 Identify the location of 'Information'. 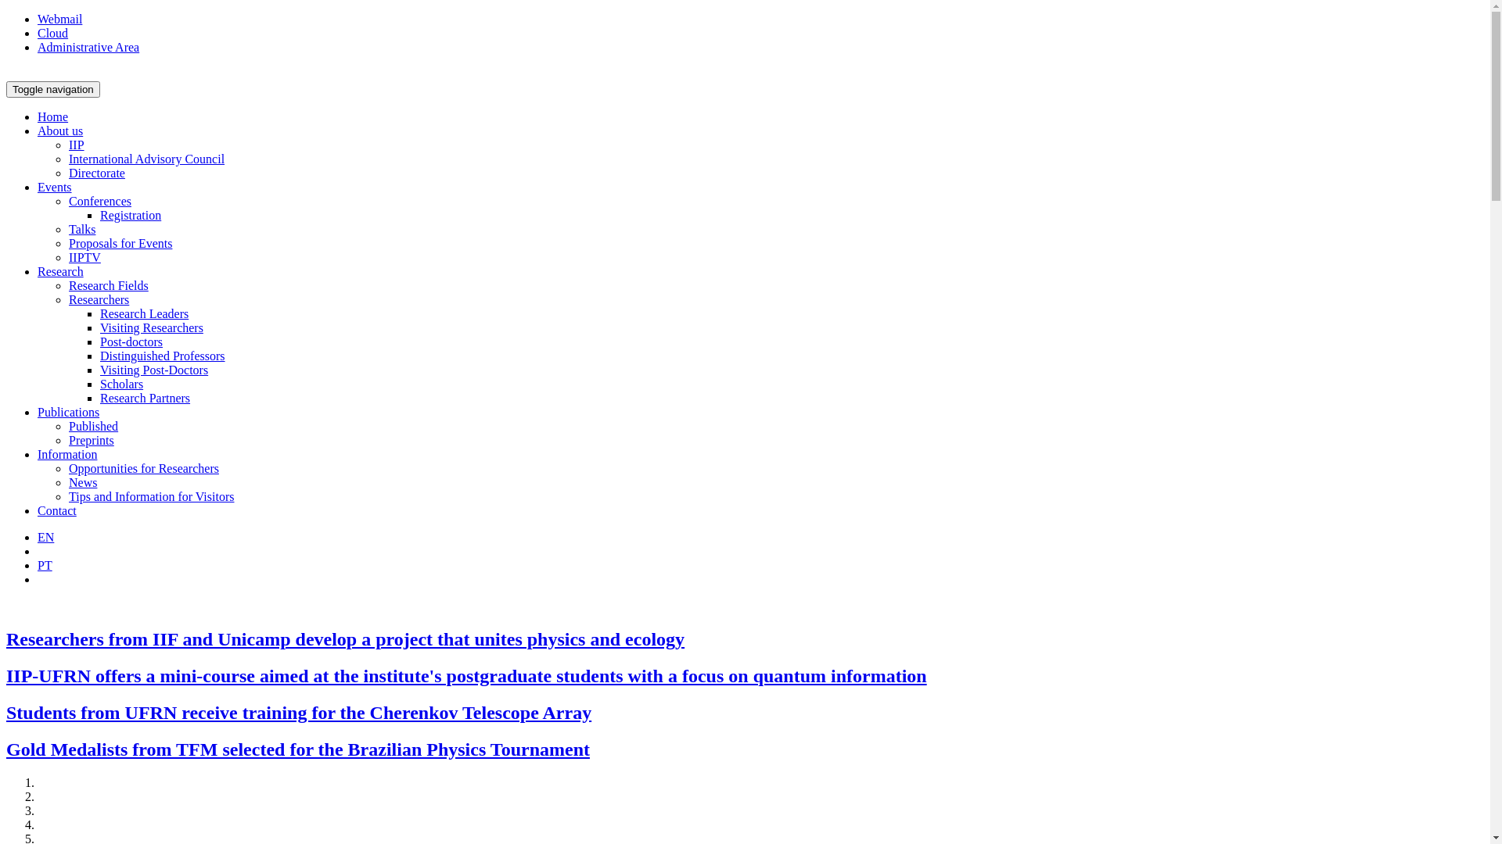
(66, 454).